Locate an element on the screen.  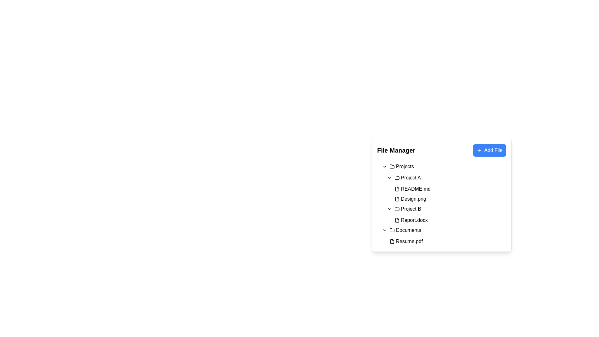
the document file icon located in the 'Projects' section of the 'File Manager' sidebar, specifically to the left of the text 'Report.docx' is located at coordinates (397, 220).